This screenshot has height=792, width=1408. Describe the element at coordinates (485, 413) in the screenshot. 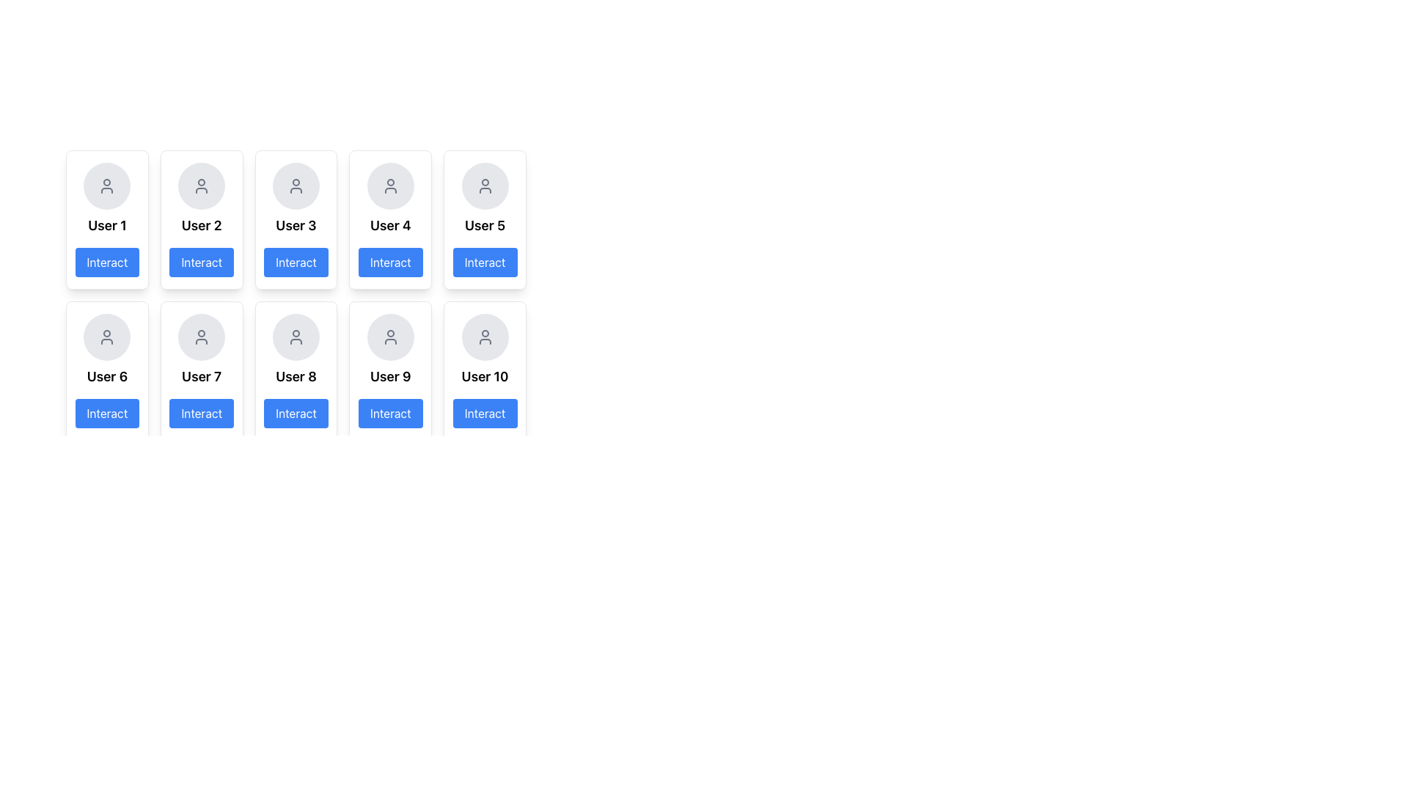

I see `the blue rectangular button labeled 'Interact' with rounded corners, located at the bottom of the 'User 10' card in the grid layout` at that location.